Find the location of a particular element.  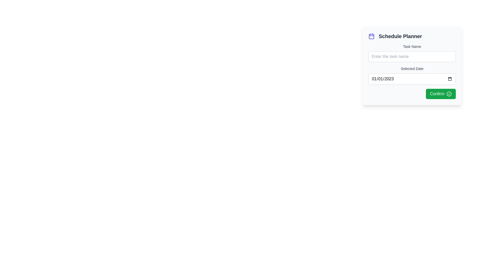

the green rectangular 'Confirm' button with rounded corners located in the bottom-right corner of the 'Schedule Planner' dialog to confirm is located at coordinates (440, 94).